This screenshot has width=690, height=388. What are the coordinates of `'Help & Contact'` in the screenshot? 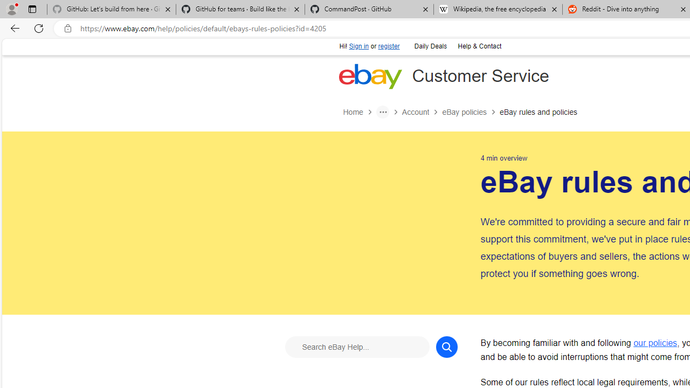 It's located at (478, 45).